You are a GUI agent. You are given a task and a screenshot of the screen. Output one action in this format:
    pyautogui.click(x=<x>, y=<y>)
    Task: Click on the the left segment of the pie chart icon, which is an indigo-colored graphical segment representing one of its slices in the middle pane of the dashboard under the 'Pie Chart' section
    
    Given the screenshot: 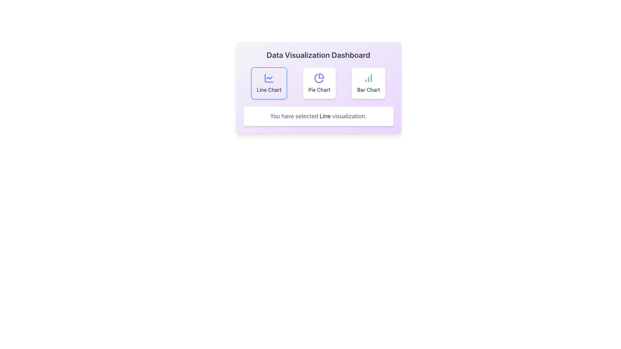 What is the action you would take?
    pyautogui.click(x=321, y=76)
    